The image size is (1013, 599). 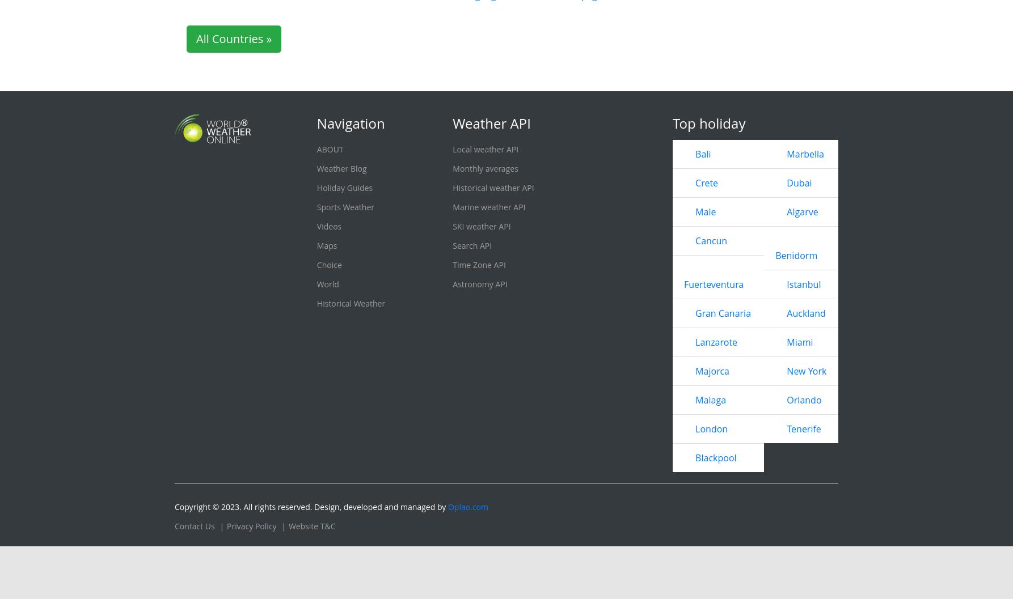 I want to click on 'Red Deer', so click(x=556, y=47).